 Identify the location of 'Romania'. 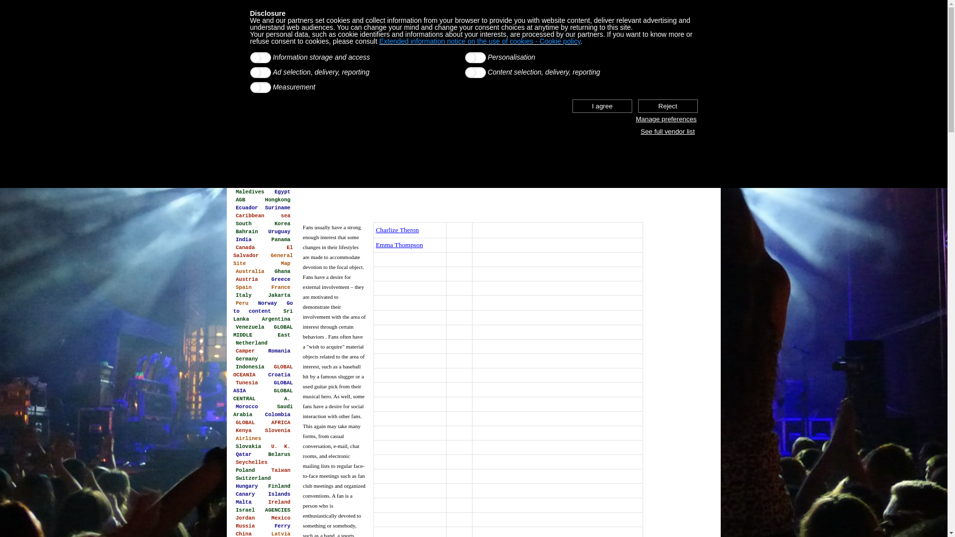
(279, 350).